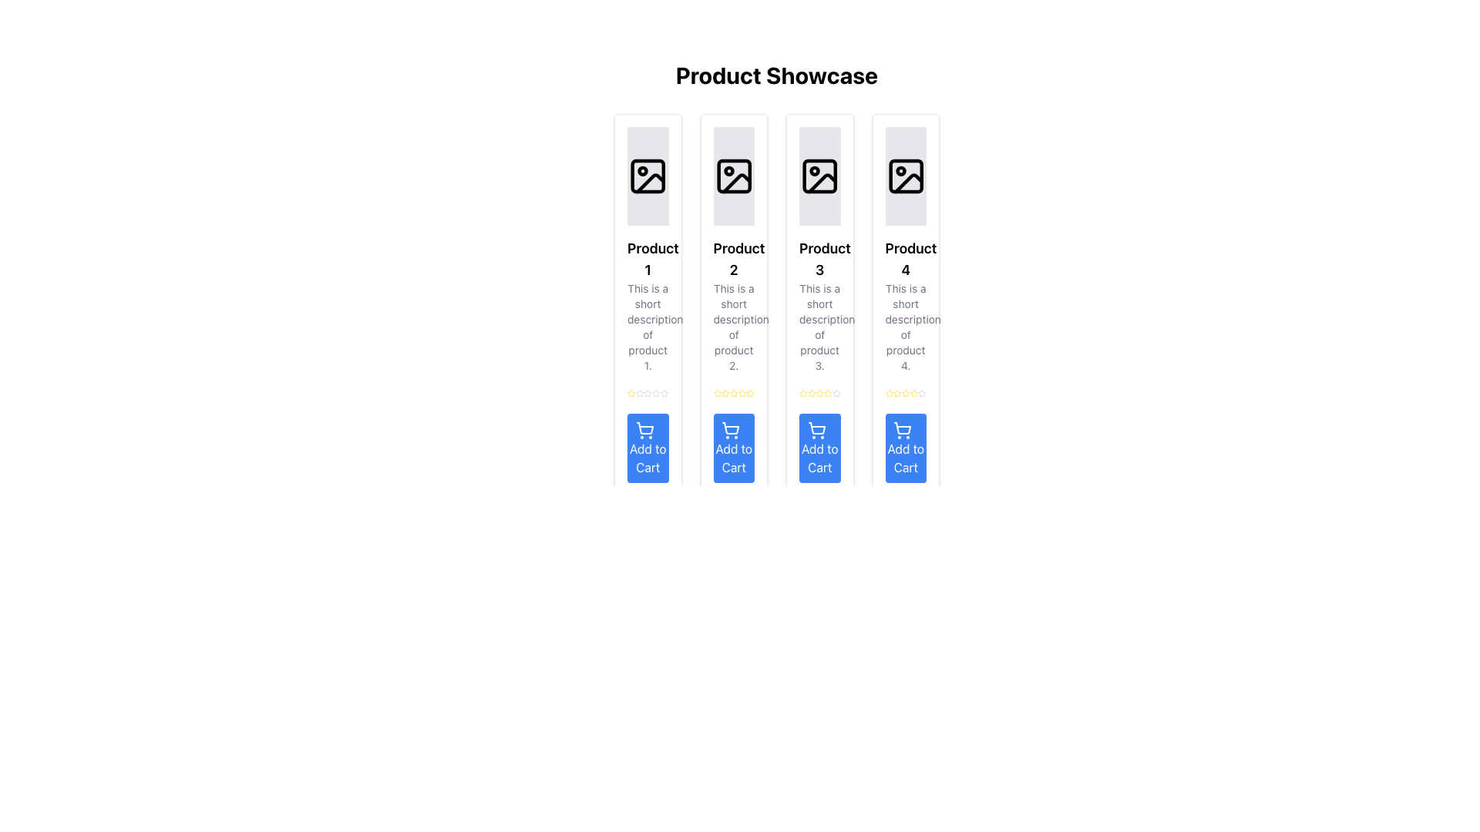  I want to click on the fourth star icon from the left in the rating section for Product 3, so click(827, 392).